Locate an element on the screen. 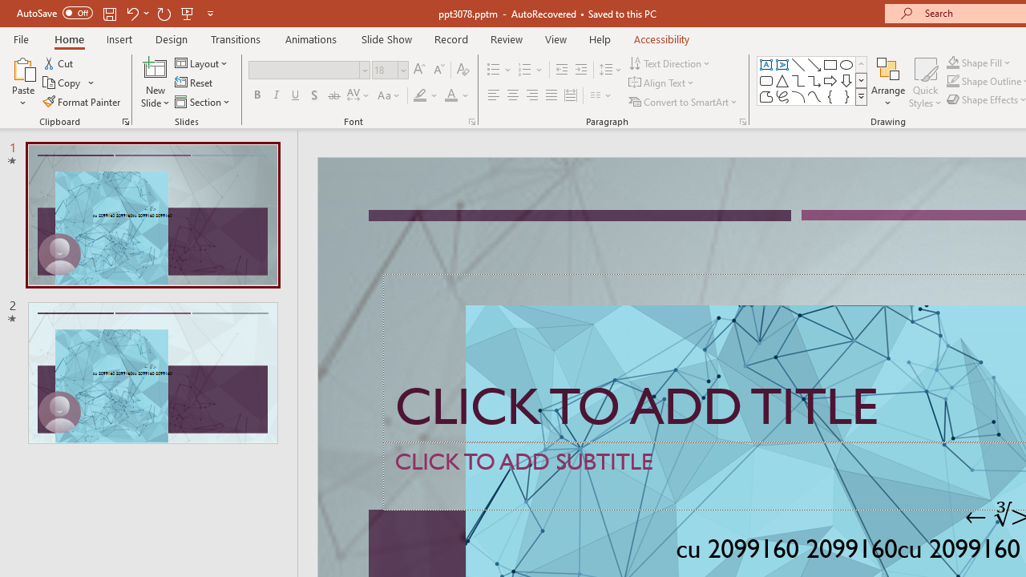  'Curve' is located at coordinates (814, 96).